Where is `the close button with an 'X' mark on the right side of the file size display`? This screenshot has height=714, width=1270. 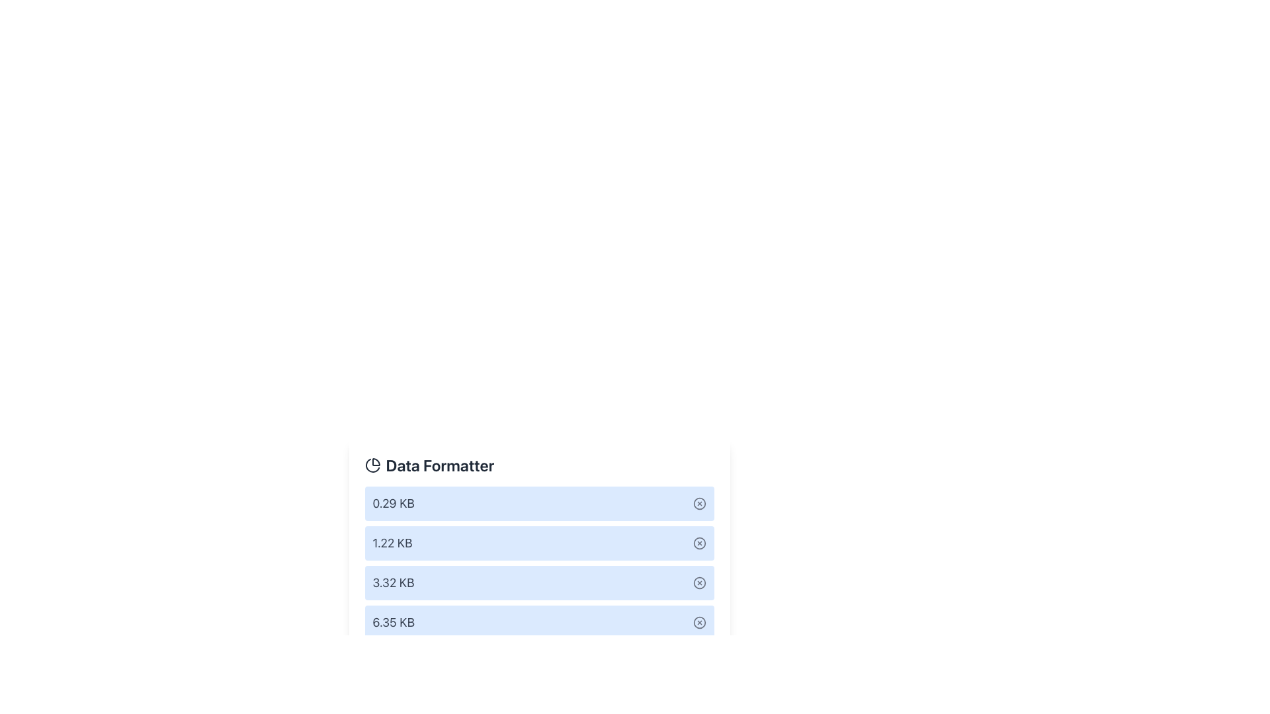
the close button with an 'X' mark on the right side of the file size display is located at coordinates (698, 504).